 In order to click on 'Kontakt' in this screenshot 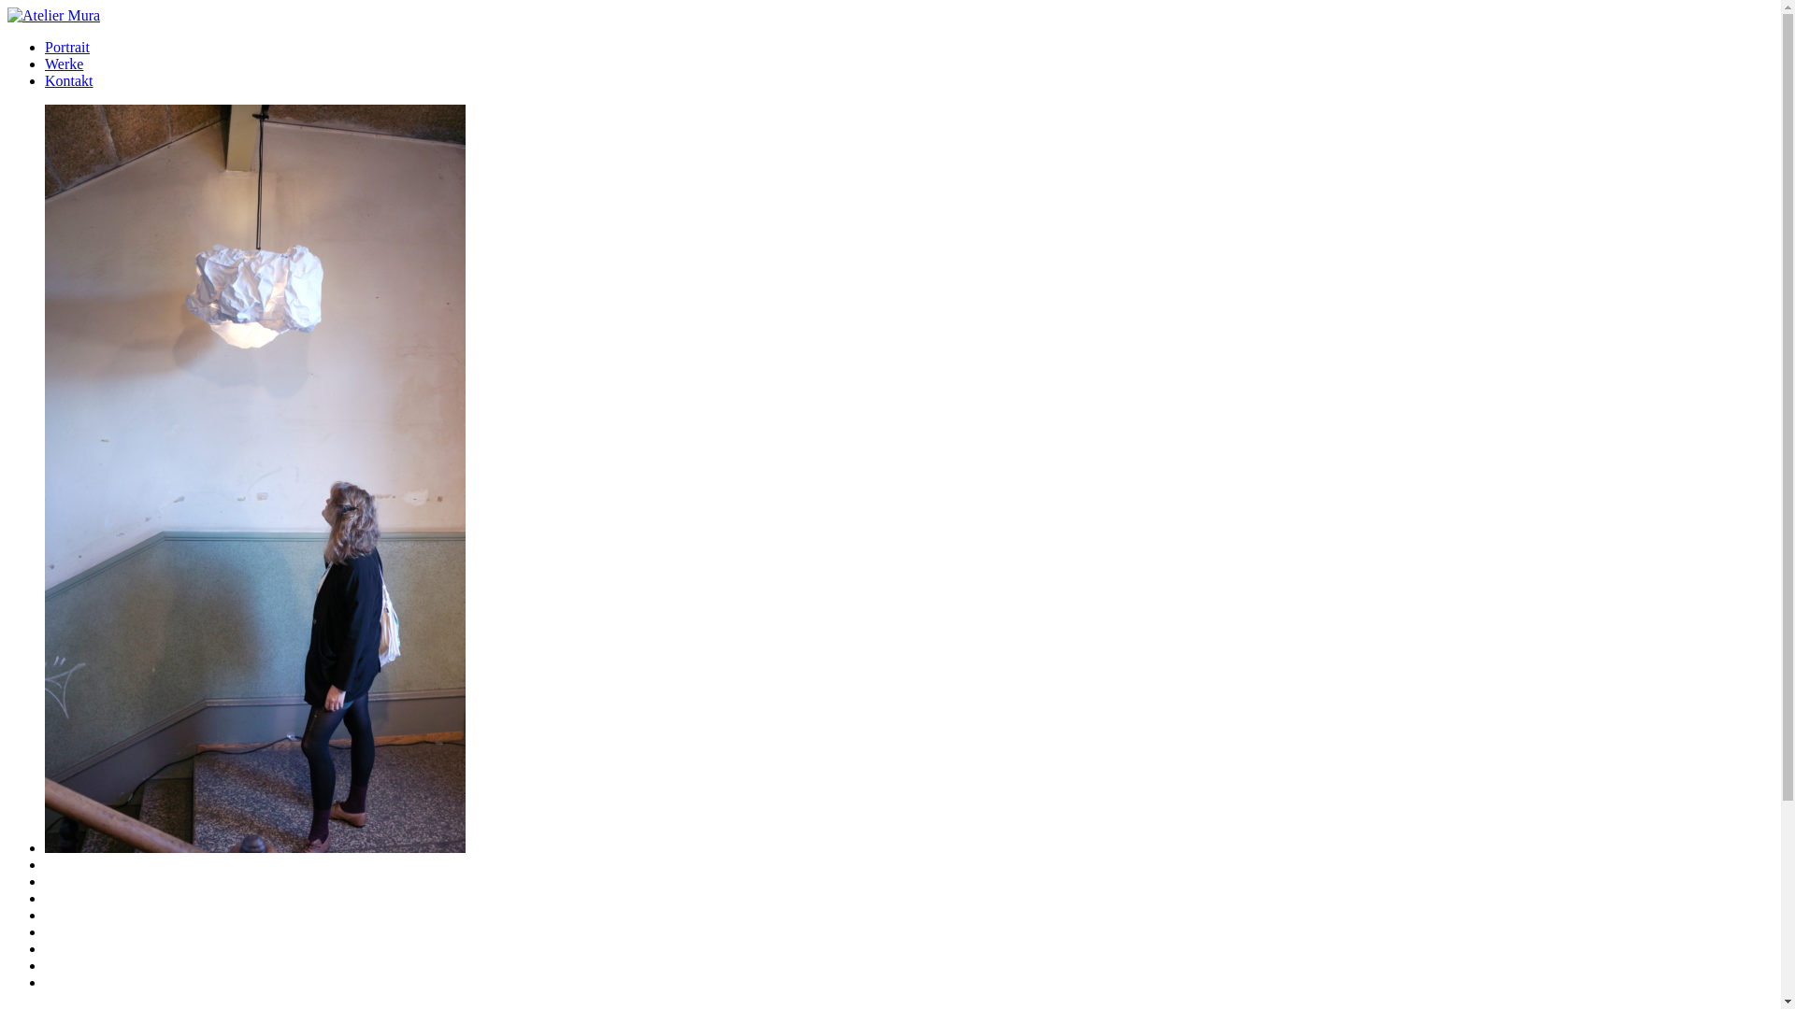, I will do `click(68, 79)`.